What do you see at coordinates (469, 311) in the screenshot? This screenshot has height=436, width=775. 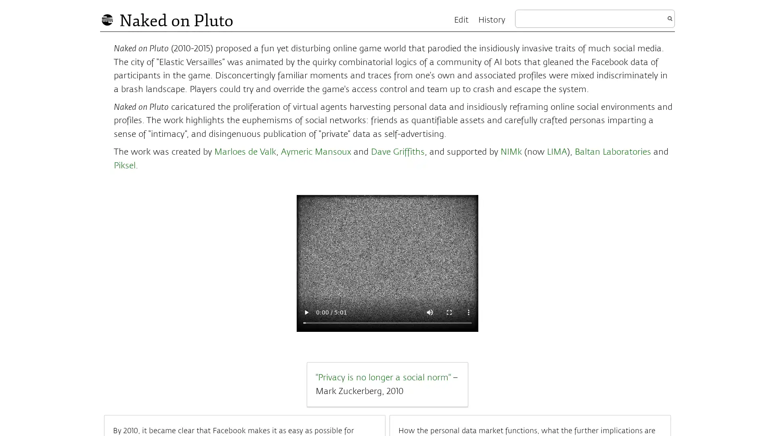 I see `show more media controls` at bounding box center [469, 311].